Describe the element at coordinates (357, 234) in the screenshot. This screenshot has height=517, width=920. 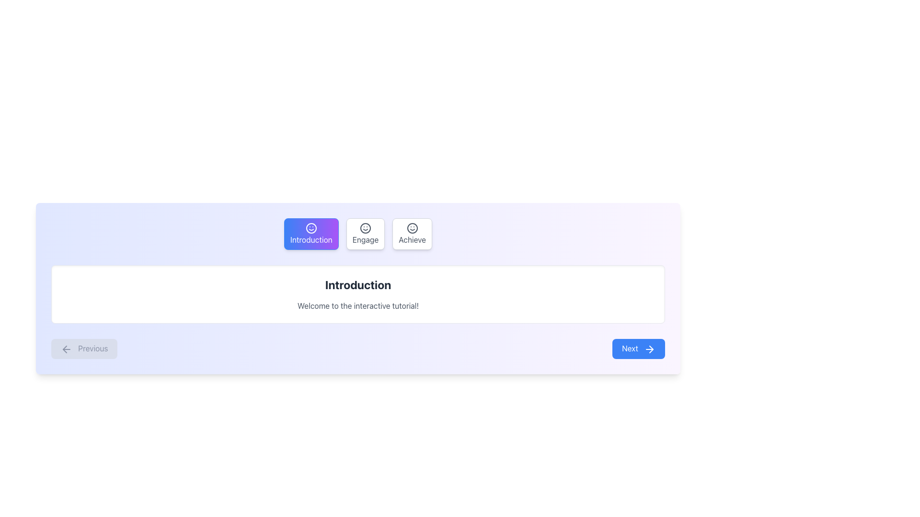
I see `the group of buttons located near the top center of the interface, which serves as a navigation menu for tutorial steps` at that location.